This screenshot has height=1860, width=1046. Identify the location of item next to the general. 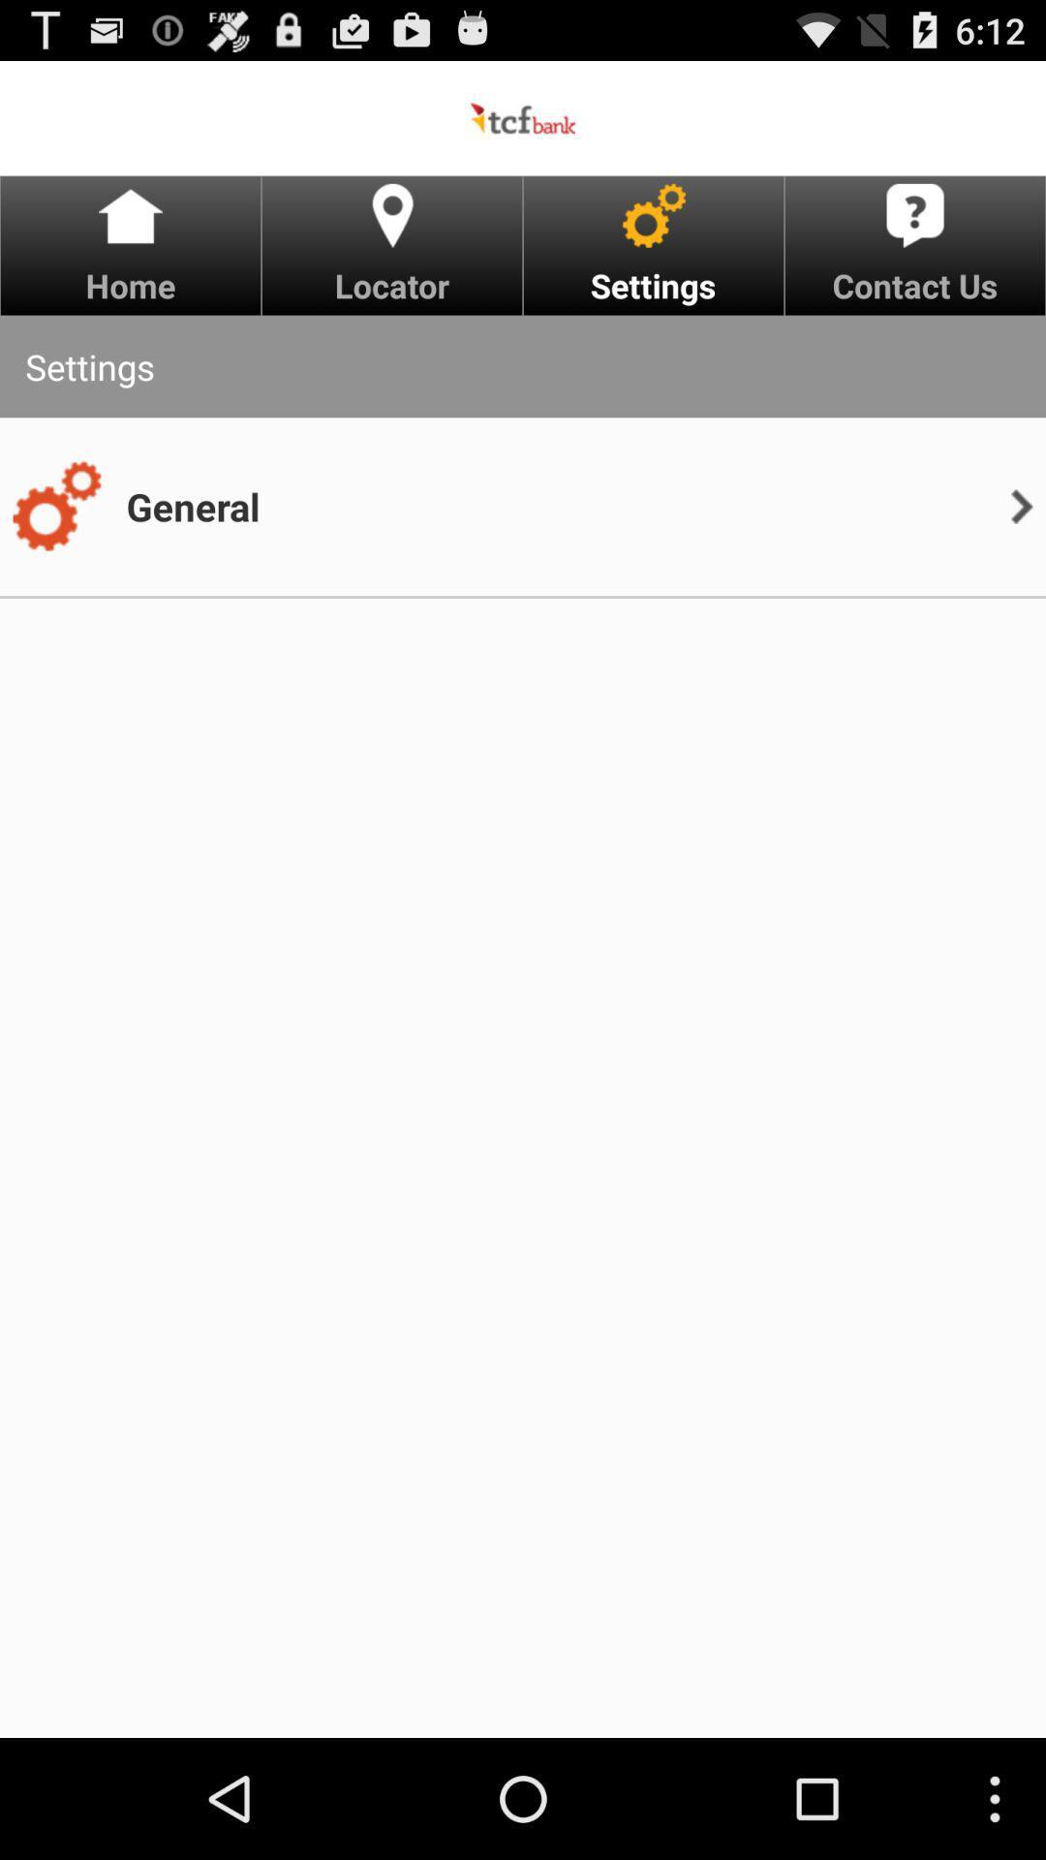
(1021, 507).